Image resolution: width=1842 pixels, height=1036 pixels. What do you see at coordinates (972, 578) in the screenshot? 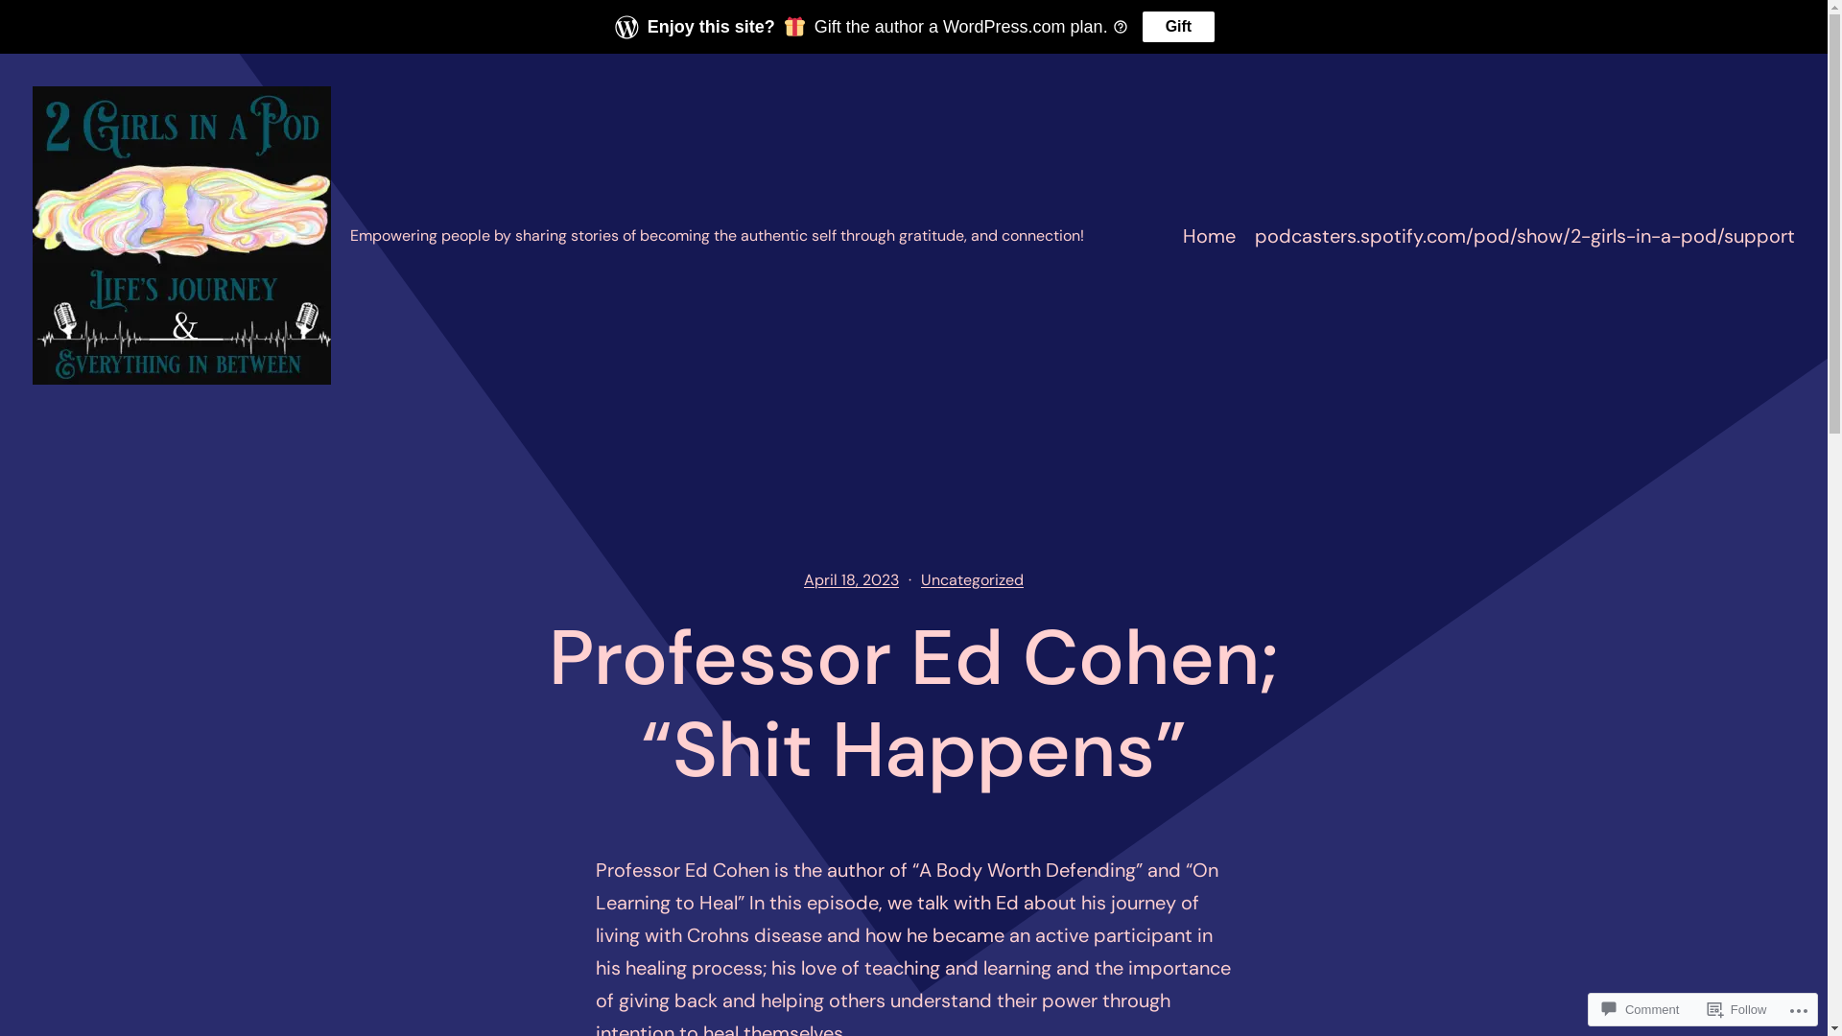
I see `'Uncategorized'` at bounding box center [972, 578].